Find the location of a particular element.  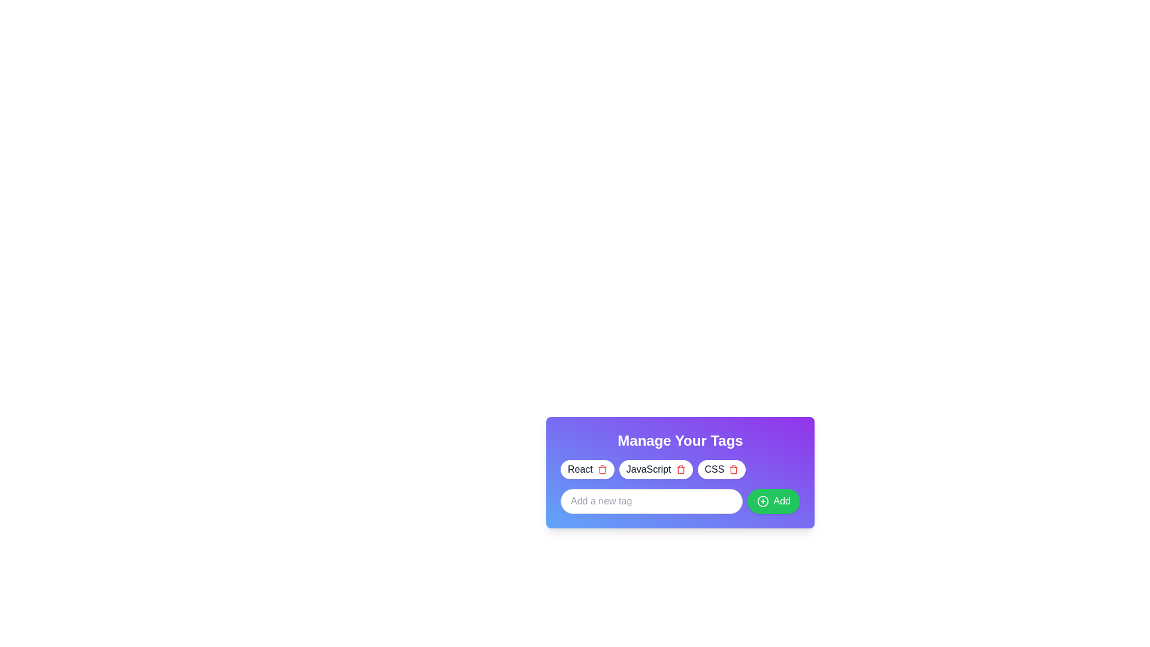

text label indicating the tag 'JavaScript', which is the second tag in a horizontal list of tags within the 'Manage Your Tags' panel is located at coordinates (648, 468).